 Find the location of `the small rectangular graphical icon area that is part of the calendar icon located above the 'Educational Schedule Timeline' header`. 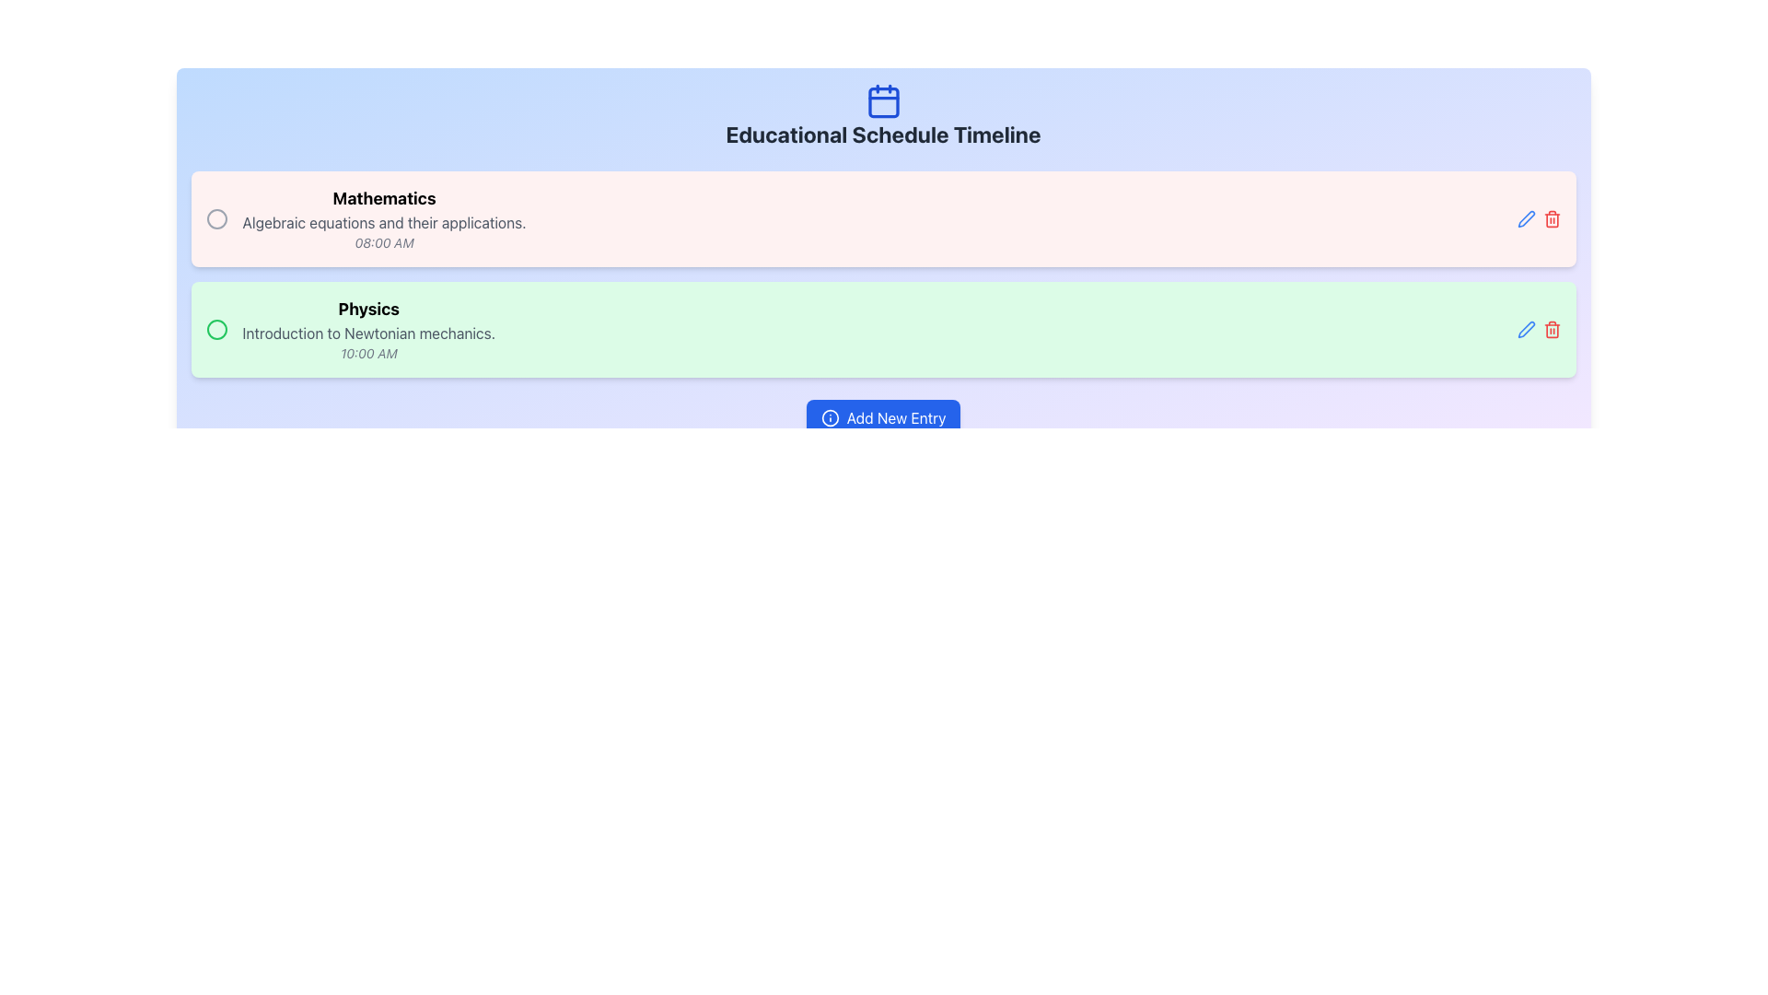

the small rectangular graphical icon area that is part of the calendar icon located above the 'Educational Schedule Timeline' header is located at coordinates (882, 102).